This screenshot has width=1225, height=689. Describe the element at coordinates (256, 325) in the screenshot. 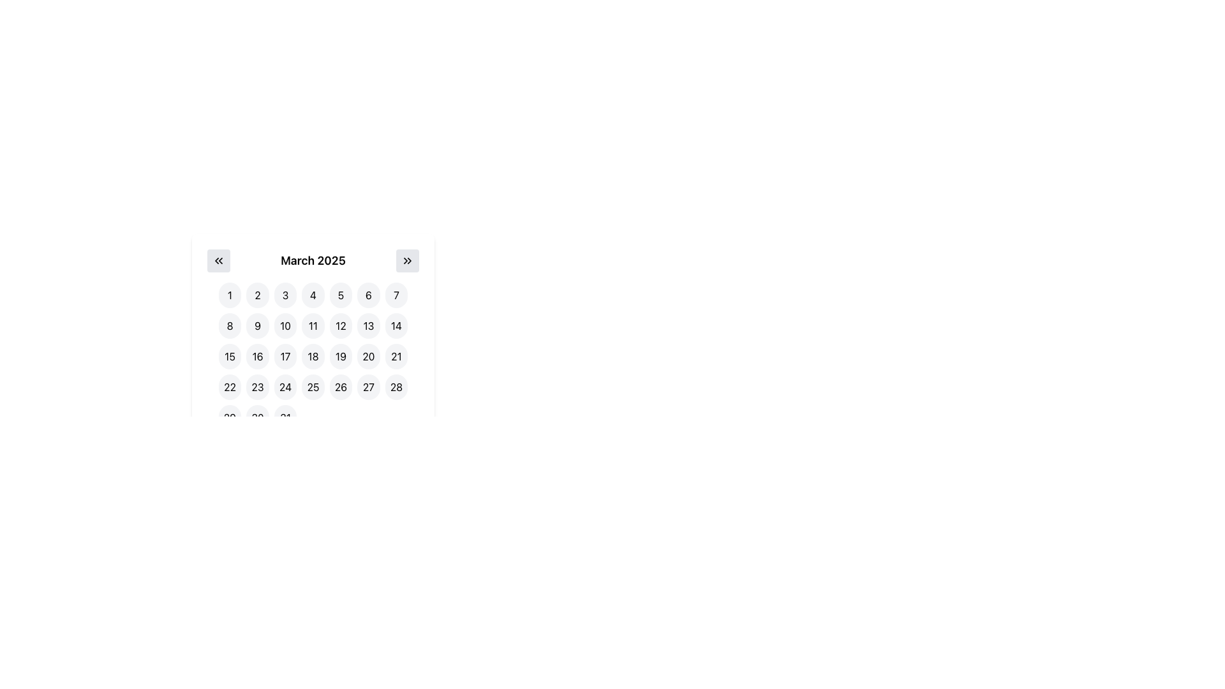

I see `the rounded button with a light gray background that displays the number '9' in black, located in the second row and second column of the grid layout in the date picker interface` at that location.